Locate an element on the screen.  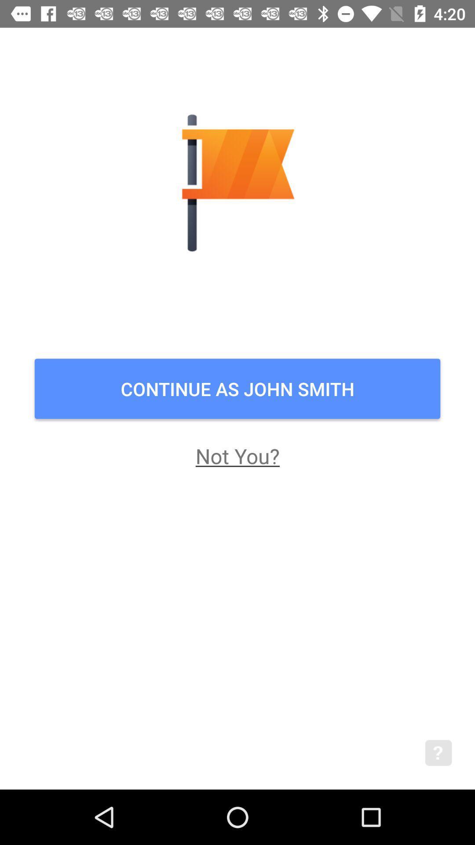
the help icon is located at coordinates (450, 764).